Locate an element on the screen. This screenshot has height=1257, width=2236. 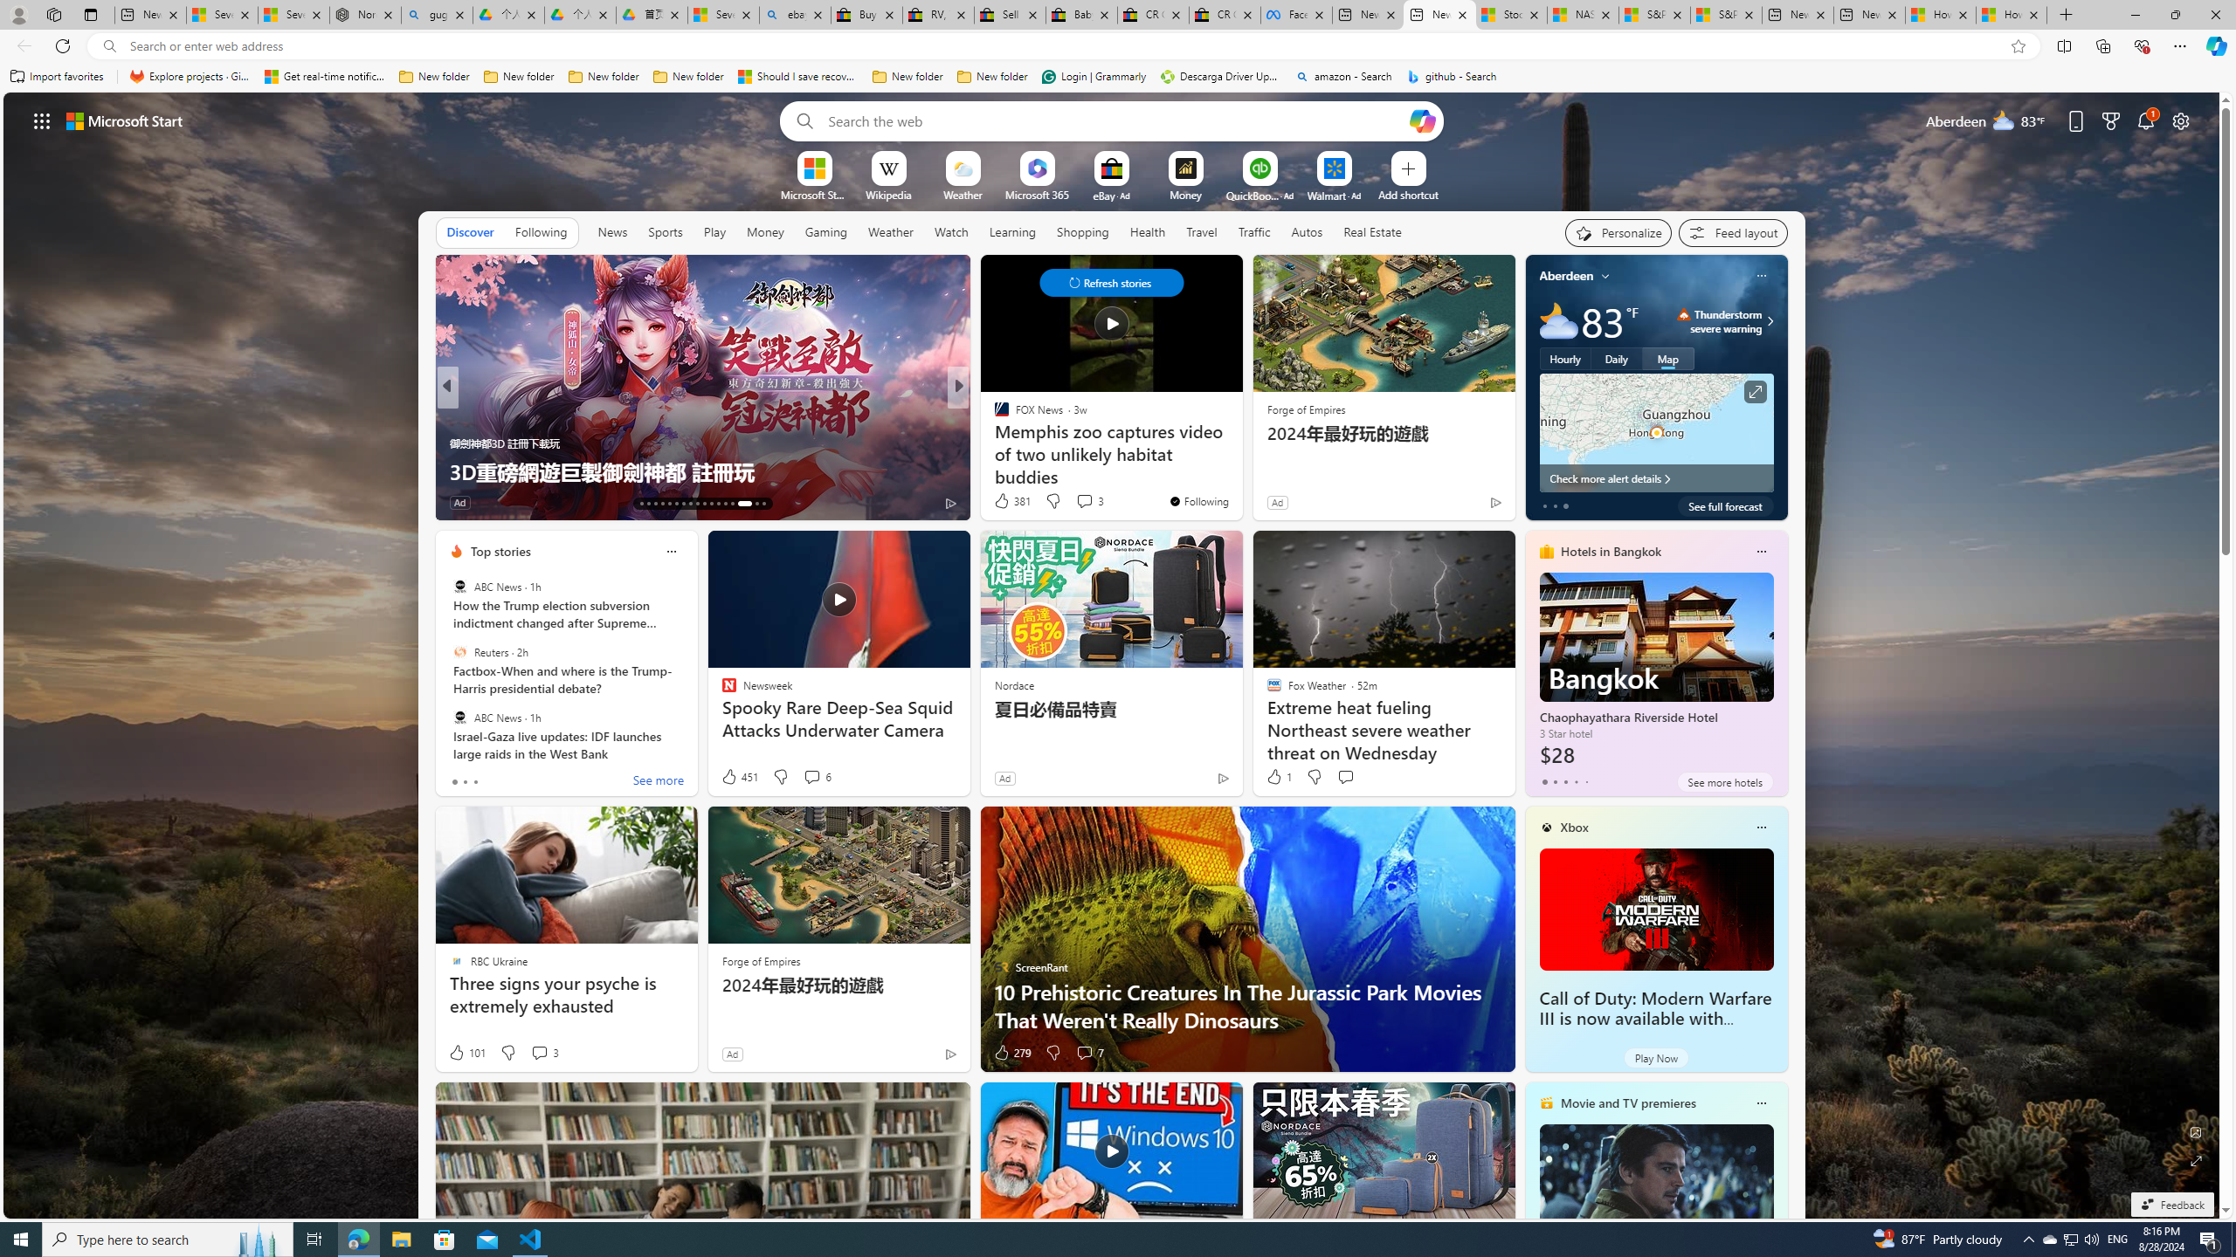
'AutomationID: tab-19' is located at coordinates (683, 504).